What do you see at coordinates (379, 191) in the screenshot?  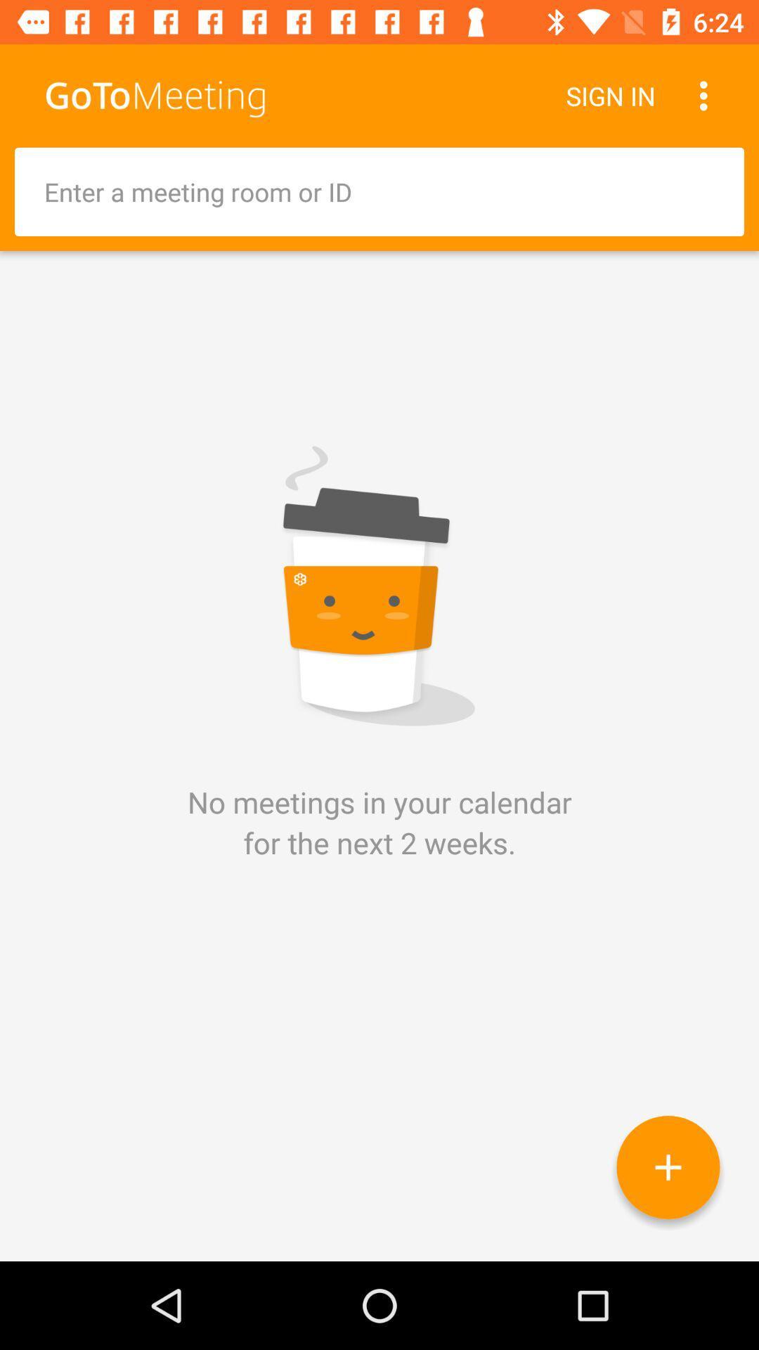 I see `item above no meetings in icon` at bounding box center [379, 191].